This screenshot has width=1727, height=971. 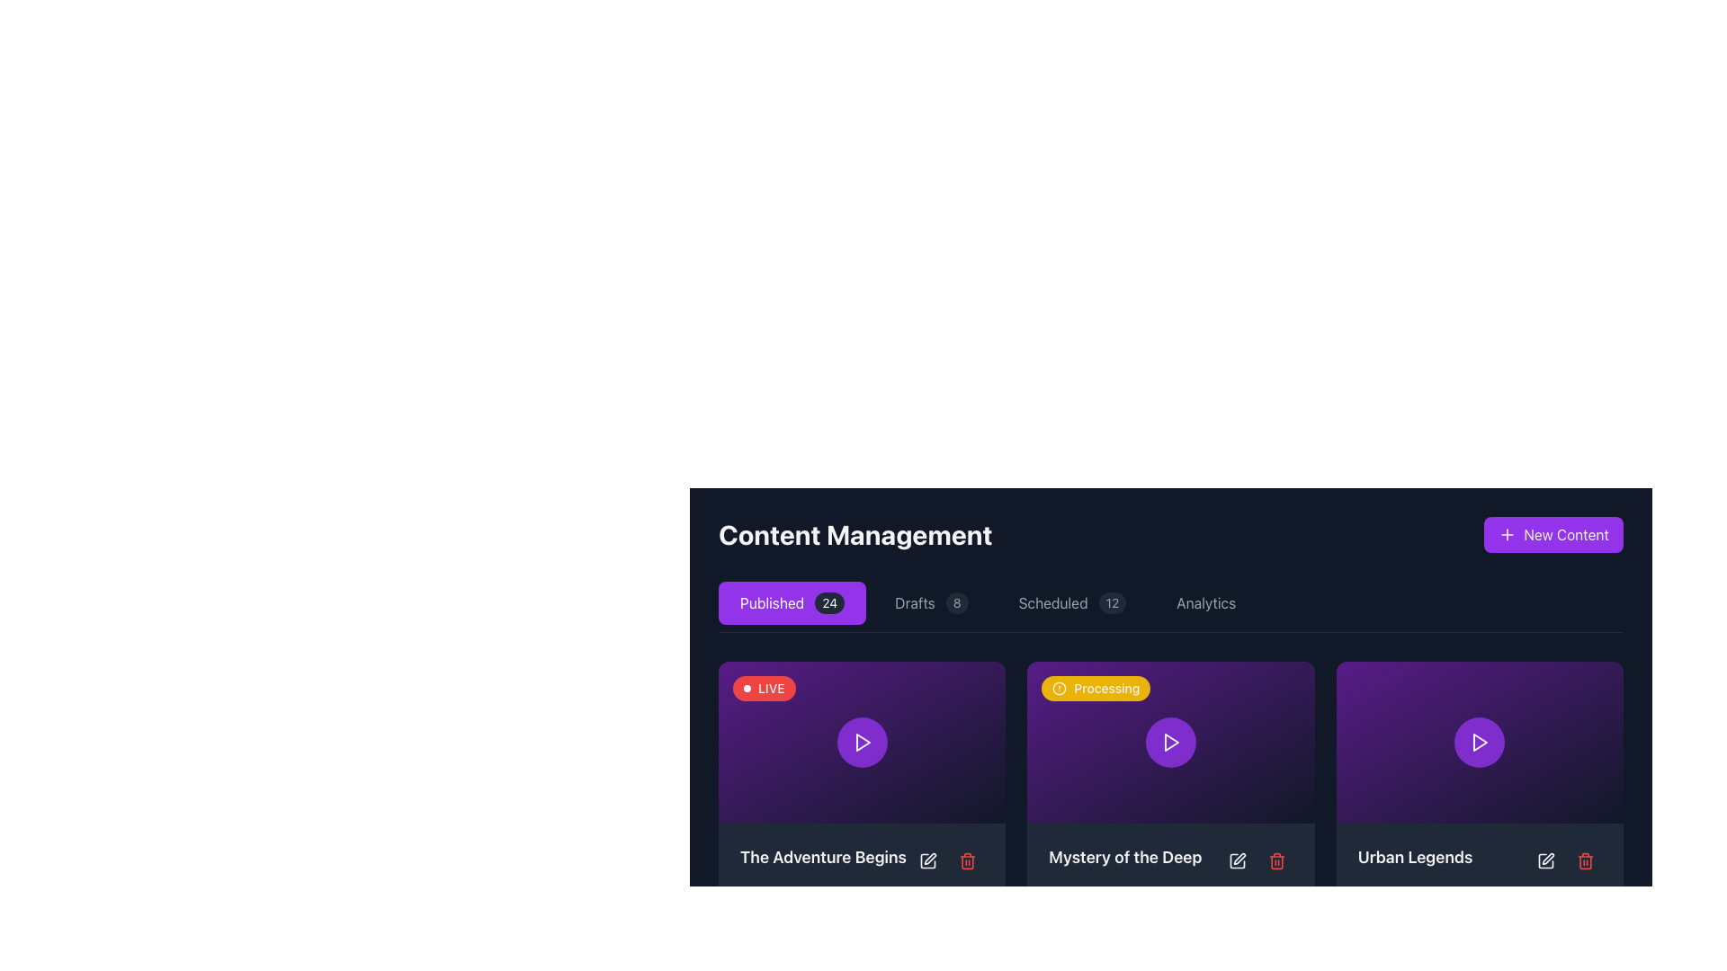 I want to click on the third Interactive content card (playable video thumbnail area) titled 'Urban Legends' located at the bottom-right of the 'Content Management' panel, so click(x=1480, y=742).